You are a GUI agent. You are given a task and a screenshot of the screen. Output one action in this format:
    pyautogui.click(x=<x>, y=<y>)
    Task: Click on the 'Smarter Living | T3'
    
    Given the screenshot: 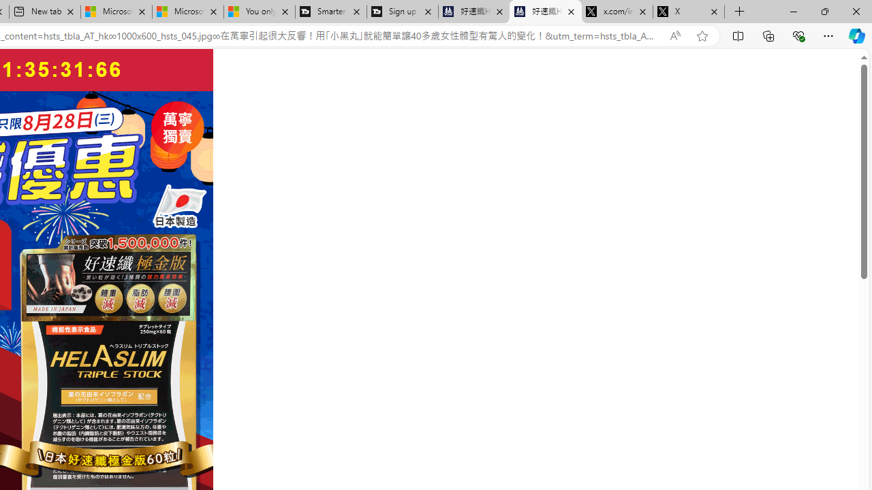 What is the action you would take?
    pyautogui.click(x=330, y=12)
    